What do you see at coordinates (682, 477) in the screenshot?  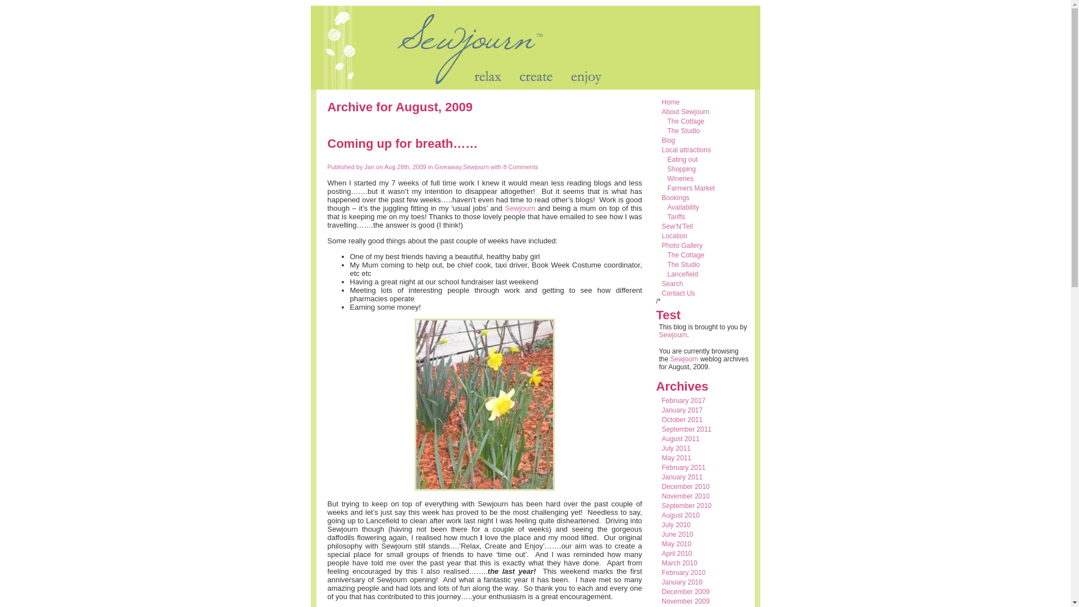 I see `'January 2011'` at bounding box center [682, 477].